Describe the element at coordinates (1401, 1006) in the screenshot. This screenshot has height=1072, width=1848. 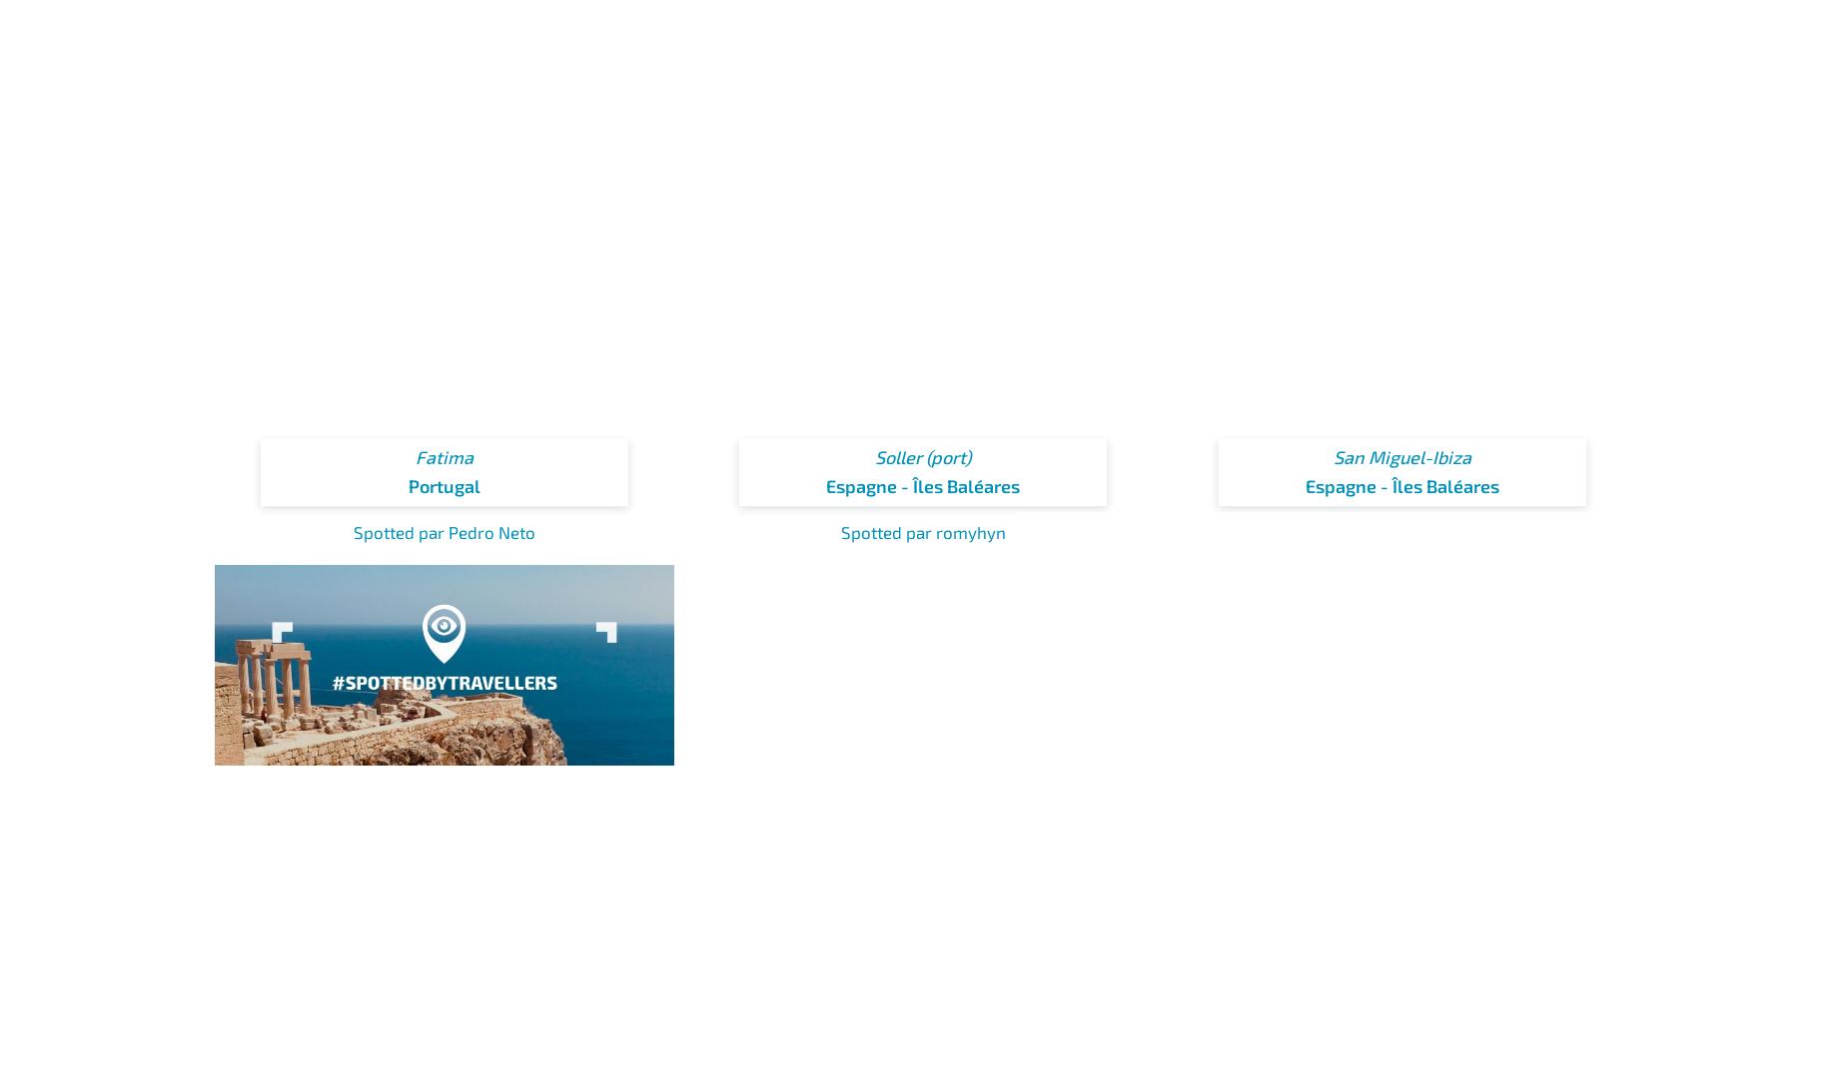
I see `'Dubrovnik'` at that location.